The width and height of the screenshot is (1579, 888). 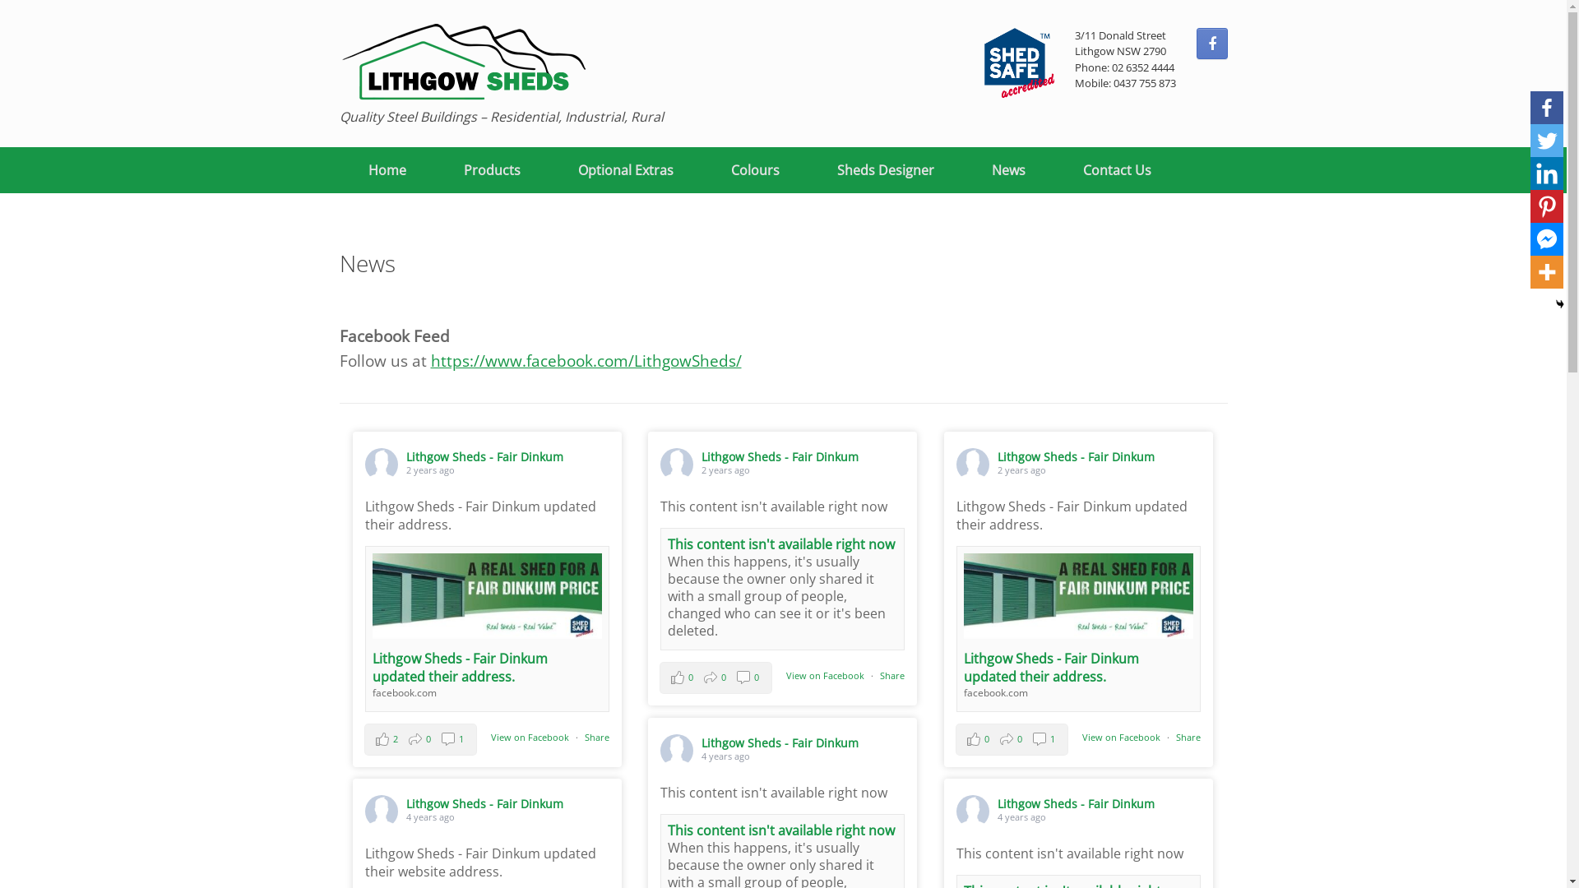 I want to click on 'Contact Us', so click(x=1117, y=170).